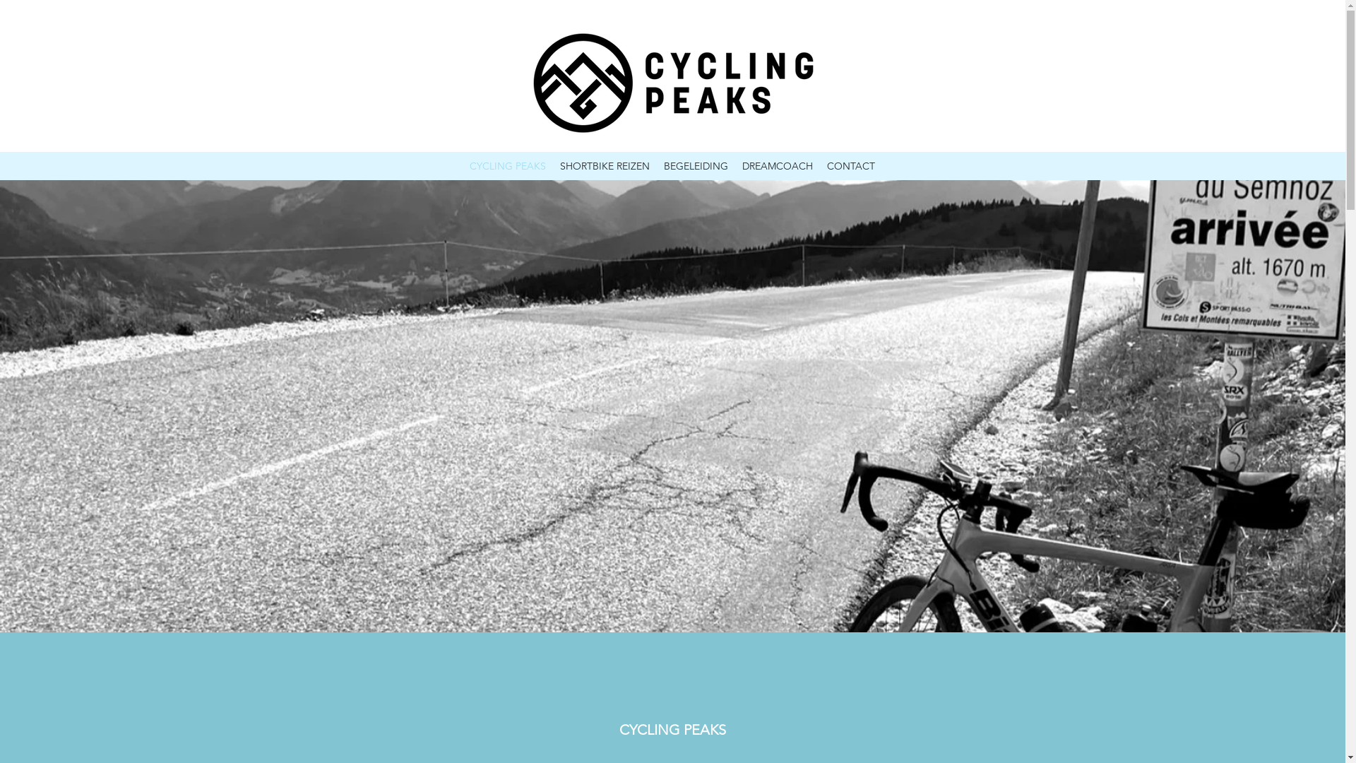 This screenshot has height=763, width=1356. I want to click on 'CONTACT', so click(820, 165).